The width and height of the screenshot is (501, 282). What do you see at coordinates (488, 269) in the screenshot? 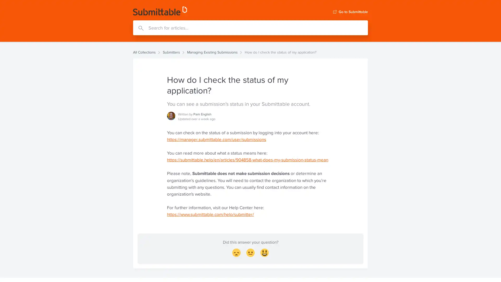
I see `Open Intercom Messenger` at bounding box center [488, 269].